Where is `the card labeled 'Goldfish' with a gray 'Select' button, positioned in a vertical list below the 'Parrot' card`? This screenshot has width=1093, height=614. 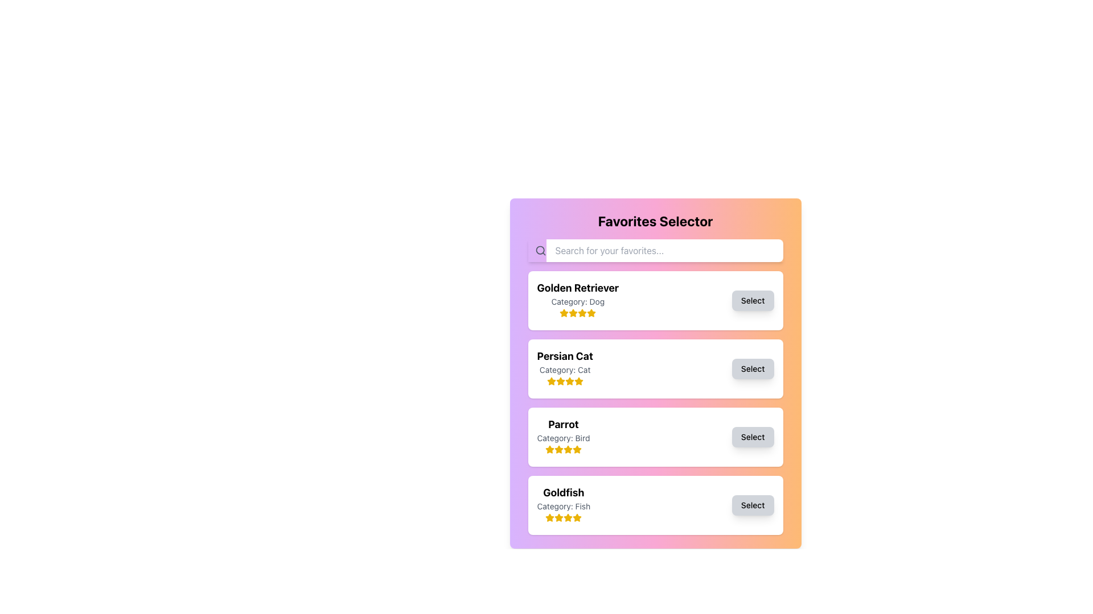
the card labeled 'Goldfish' with a gray 'Select' button, positioned in a vertical list below the 'Parrot' card is located at coordinates (655, 504).